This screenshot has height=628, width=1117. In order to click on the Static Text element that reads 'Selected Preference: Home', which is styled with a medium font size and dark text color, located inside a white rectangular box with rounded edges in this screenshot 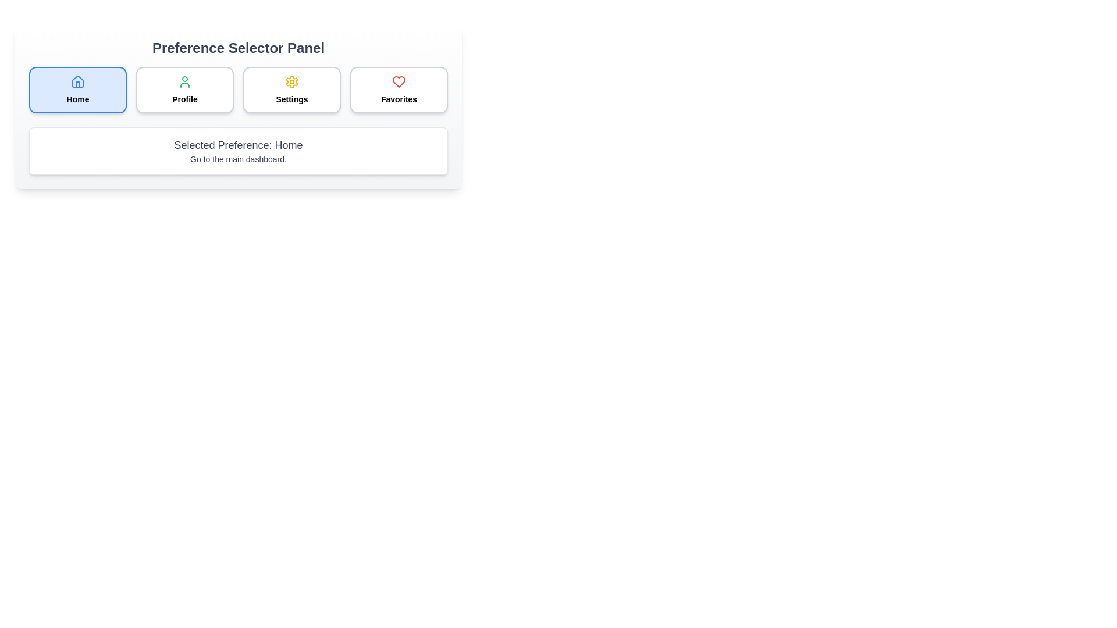, I will do `click(237, 145)`.